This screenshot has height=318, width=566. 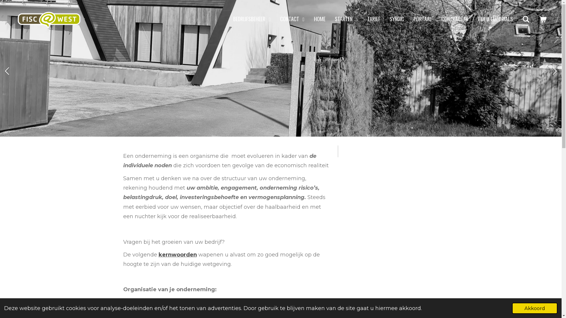 What do you see at coordinates (292, 19) in the screenshot?
I see `'CONTACT'` at bounding box center [292, 19].